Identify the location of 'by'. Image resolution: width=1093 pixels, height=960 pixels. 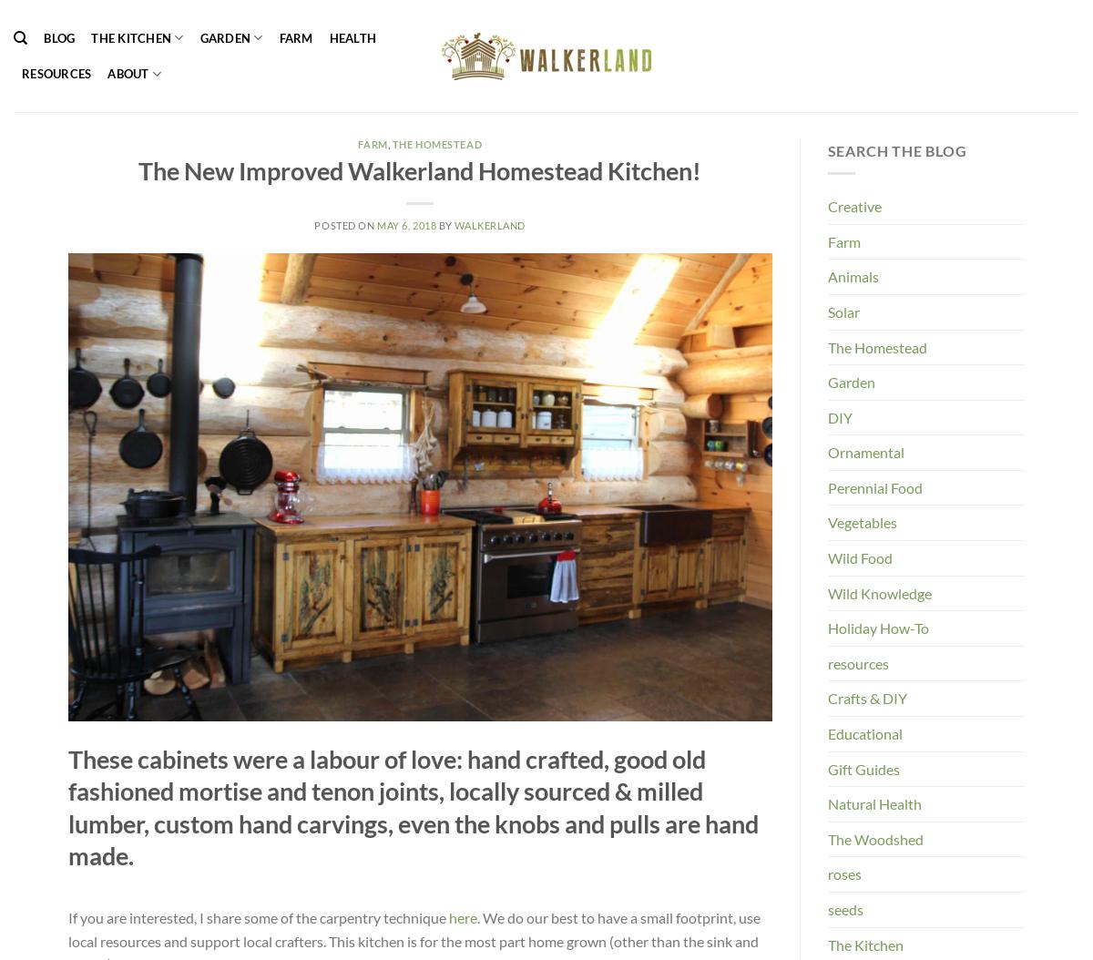
(444, 224).